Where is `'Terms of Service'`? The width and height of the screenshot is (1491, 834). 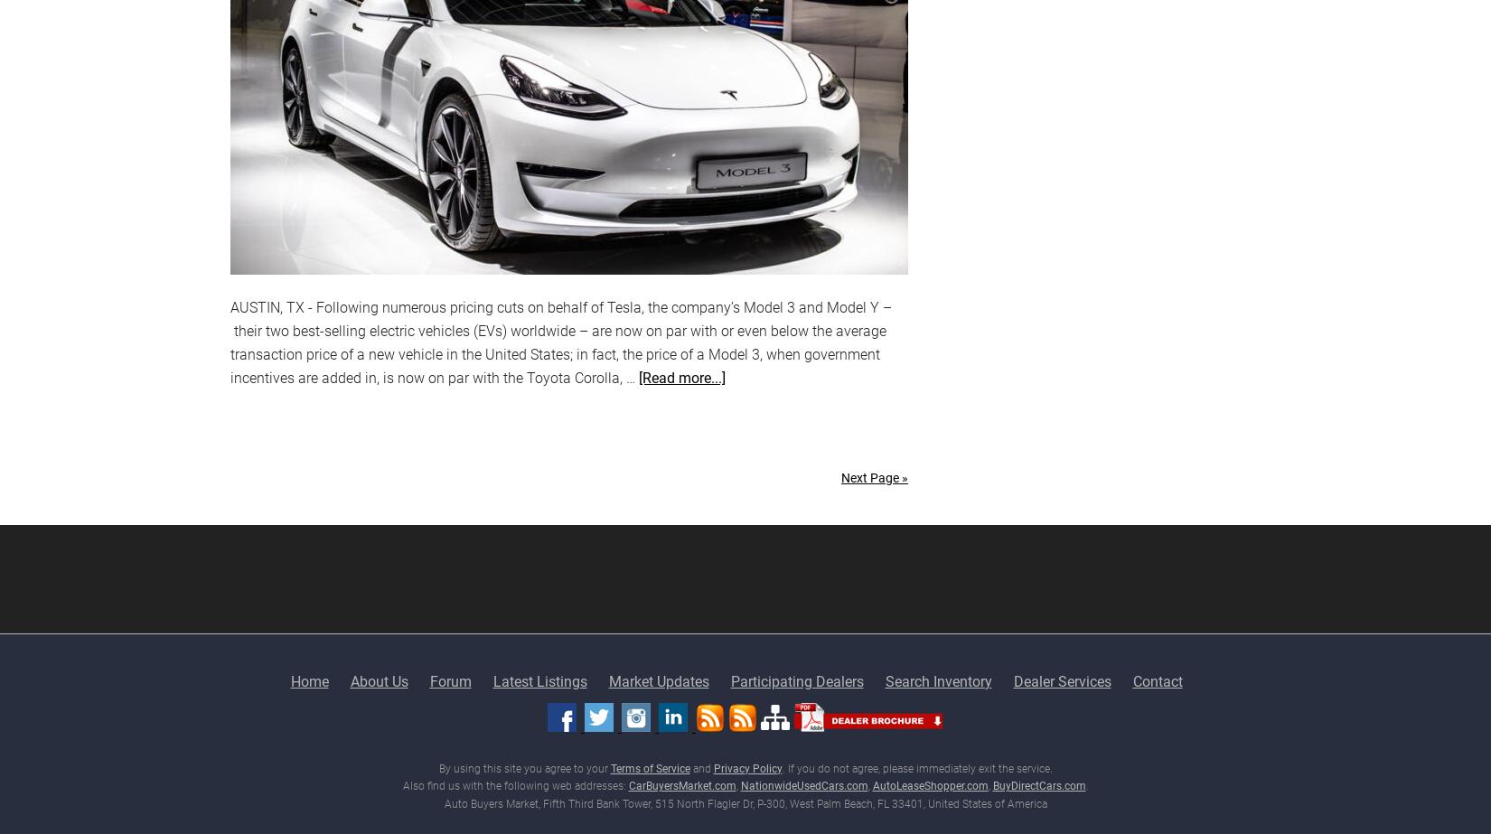 'Terms of Service' is located at coordinates (649, 766).